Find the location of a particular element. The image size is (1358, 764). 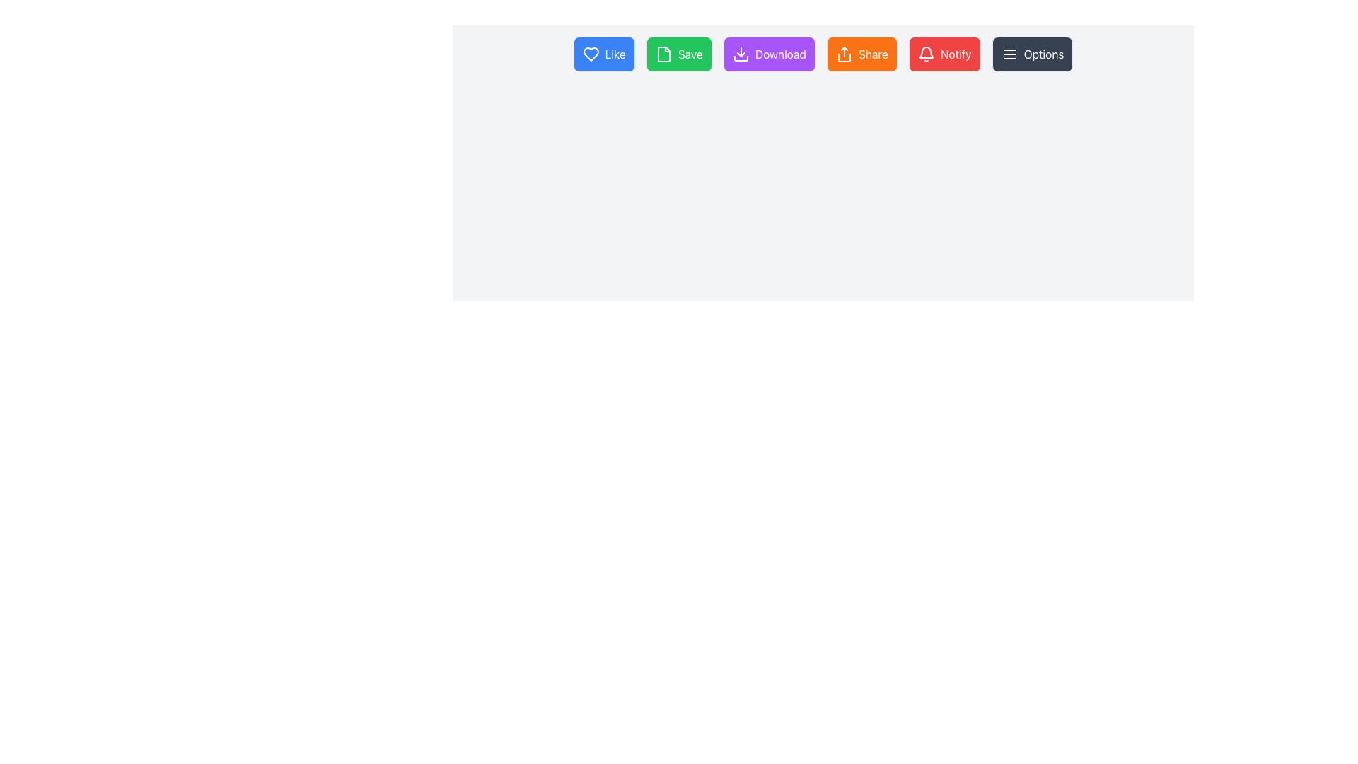

the graphical line in the 'Share' icon, which is located at the bottom center of the button and contributes to the representation of the share action is located at coordinates (844, 57).